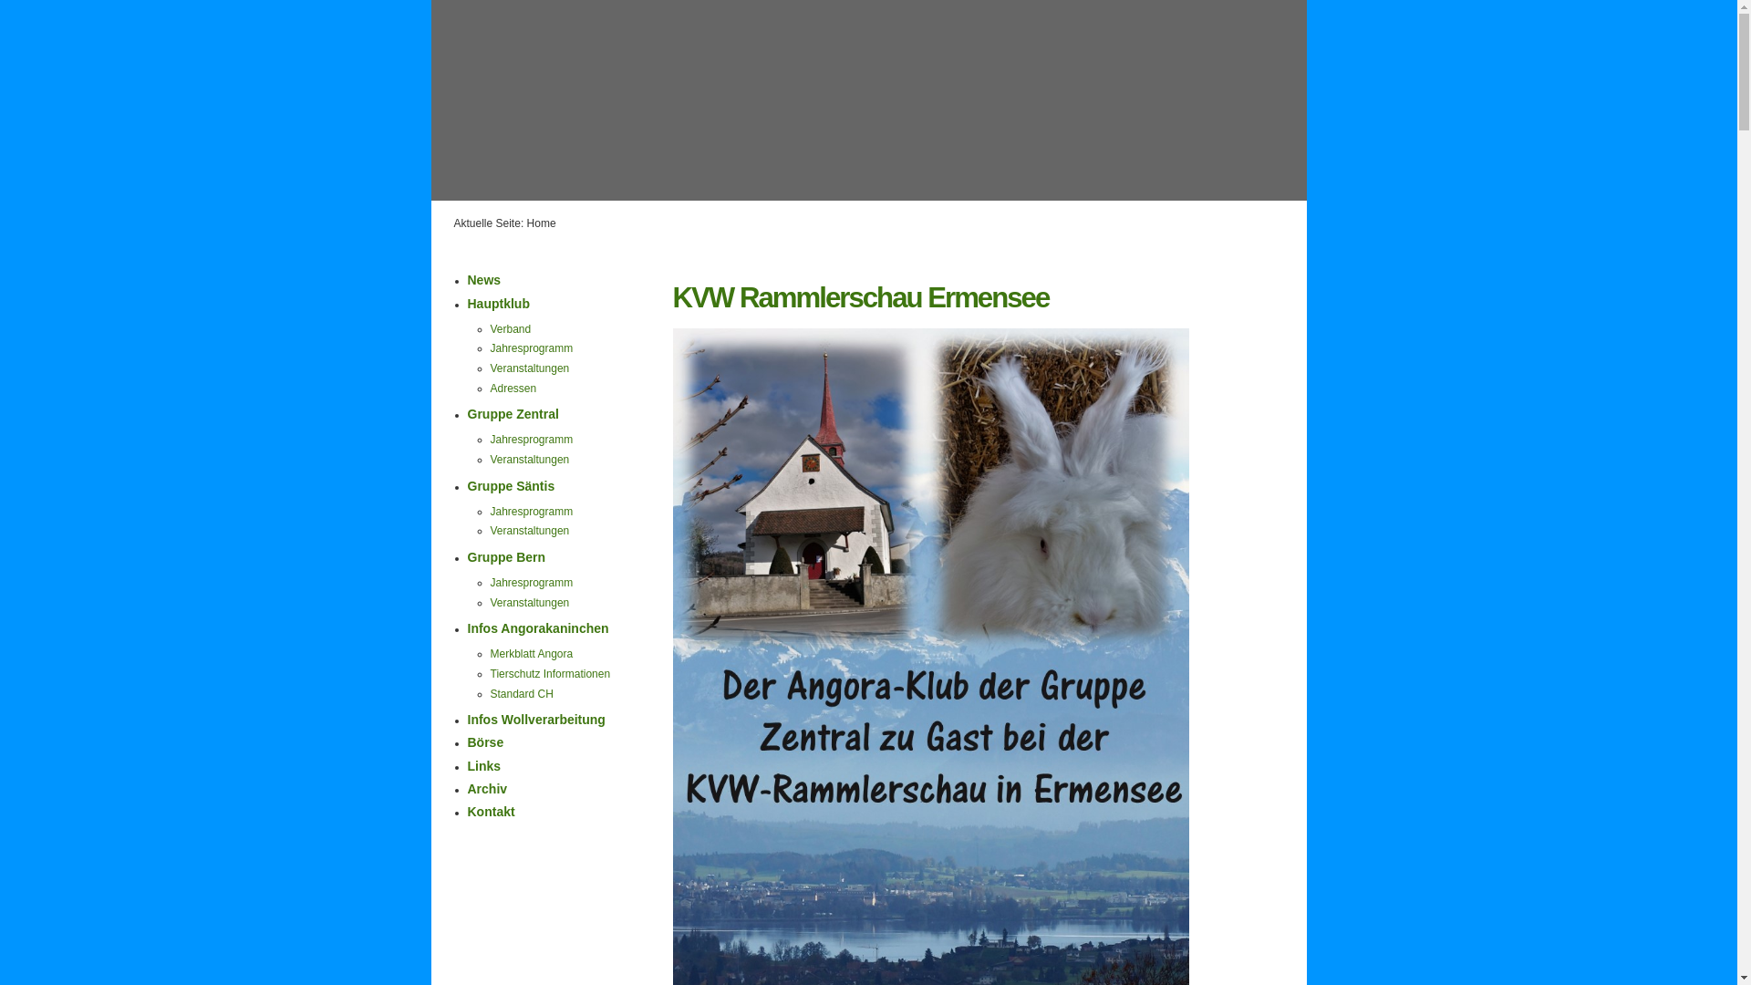 This screenshot has height=985, width=1751. Describe the element at coordinates (486, 787) in the screenshot. I see `'Archiv'` at that location.